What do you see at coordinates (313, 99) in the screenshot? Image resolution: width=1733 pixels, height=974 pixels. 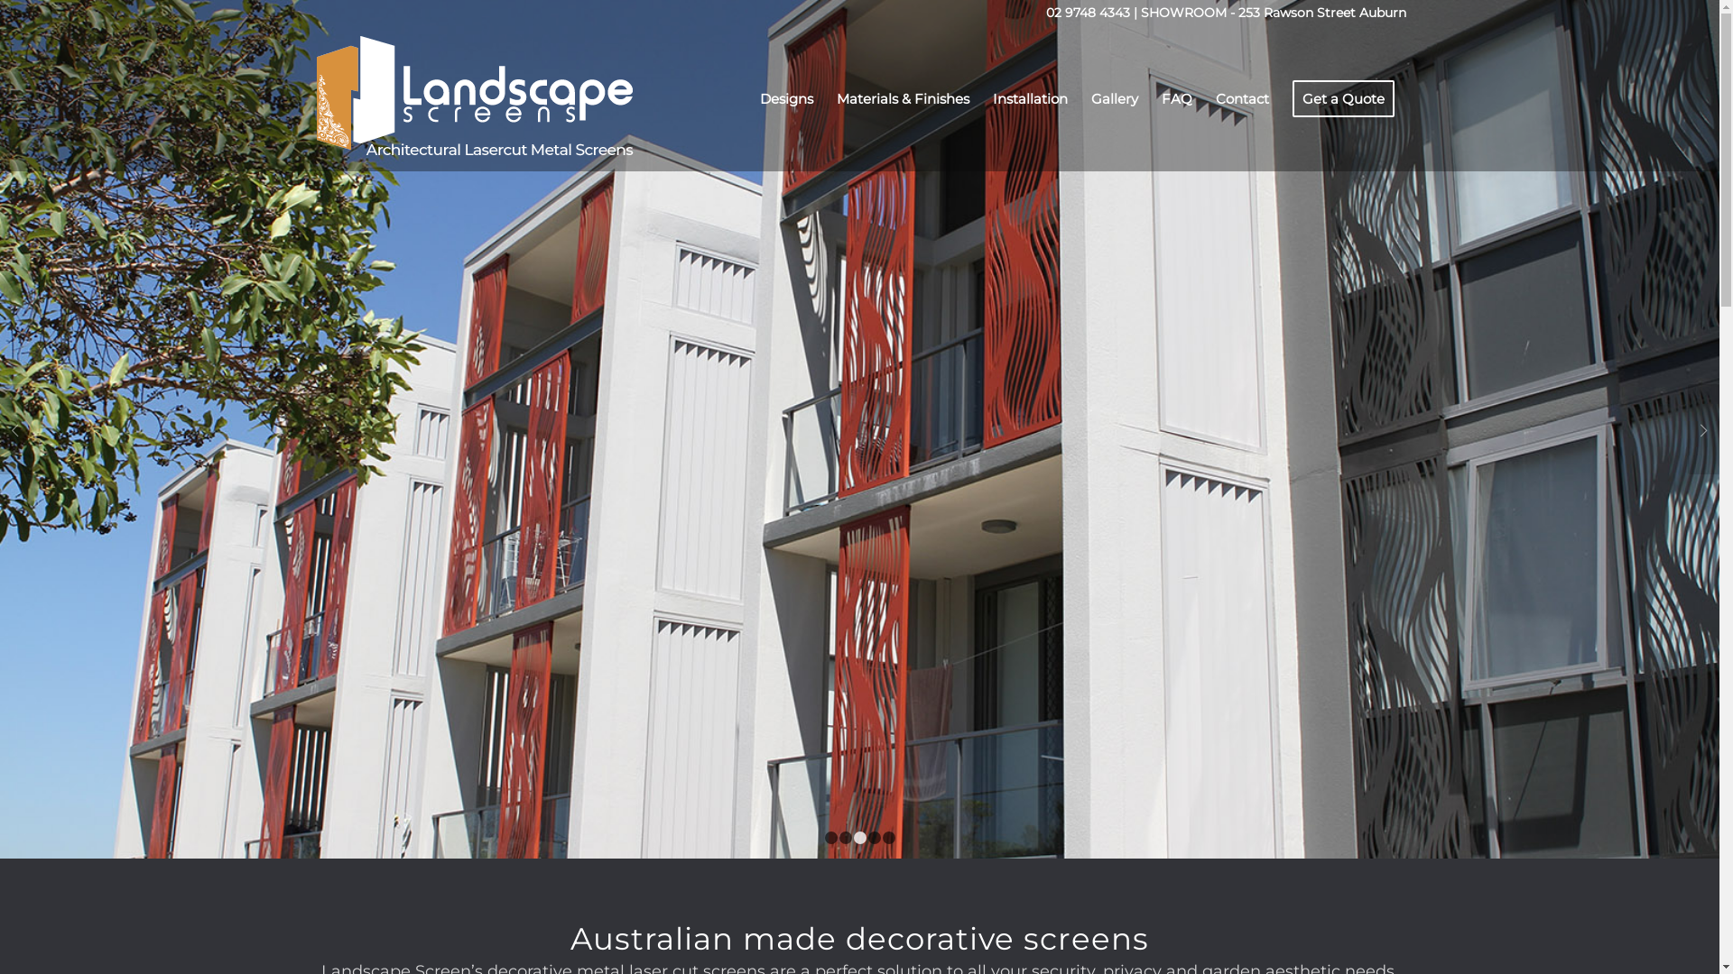 I see `'landscape screens logo reverse'` at bounding box center [313, 99].